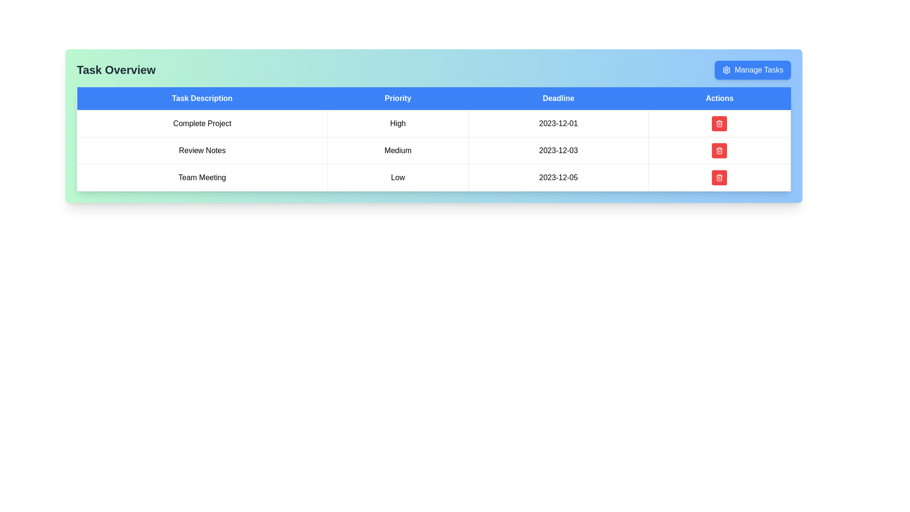 Image resolution: width=910 pixels, height=512 pixels. I want to click on the 'Task Description' table header, which is the first column header in the table with white text on a blue background, so click(201, 99).